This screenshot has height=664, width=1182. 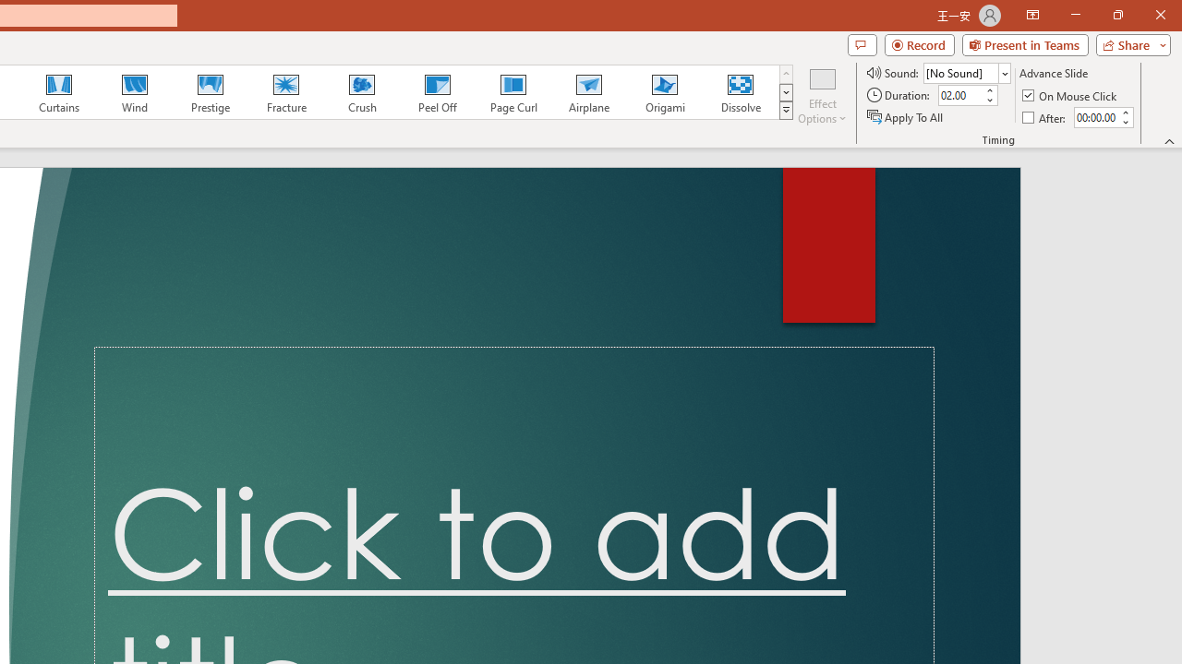 I want to click on 'Origami', so click(x=665, y=92).